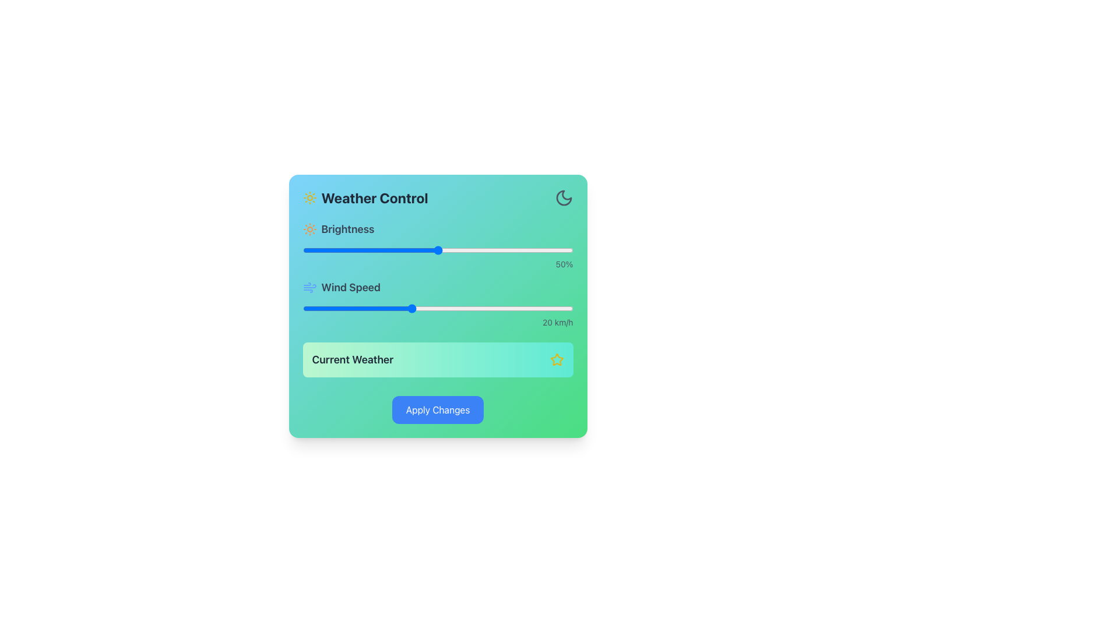 The image size is (1119, 629). What do you see at coordinates (508, 308) in the screenshot?
I see `the wind speed` at bounding box center [508, 308].